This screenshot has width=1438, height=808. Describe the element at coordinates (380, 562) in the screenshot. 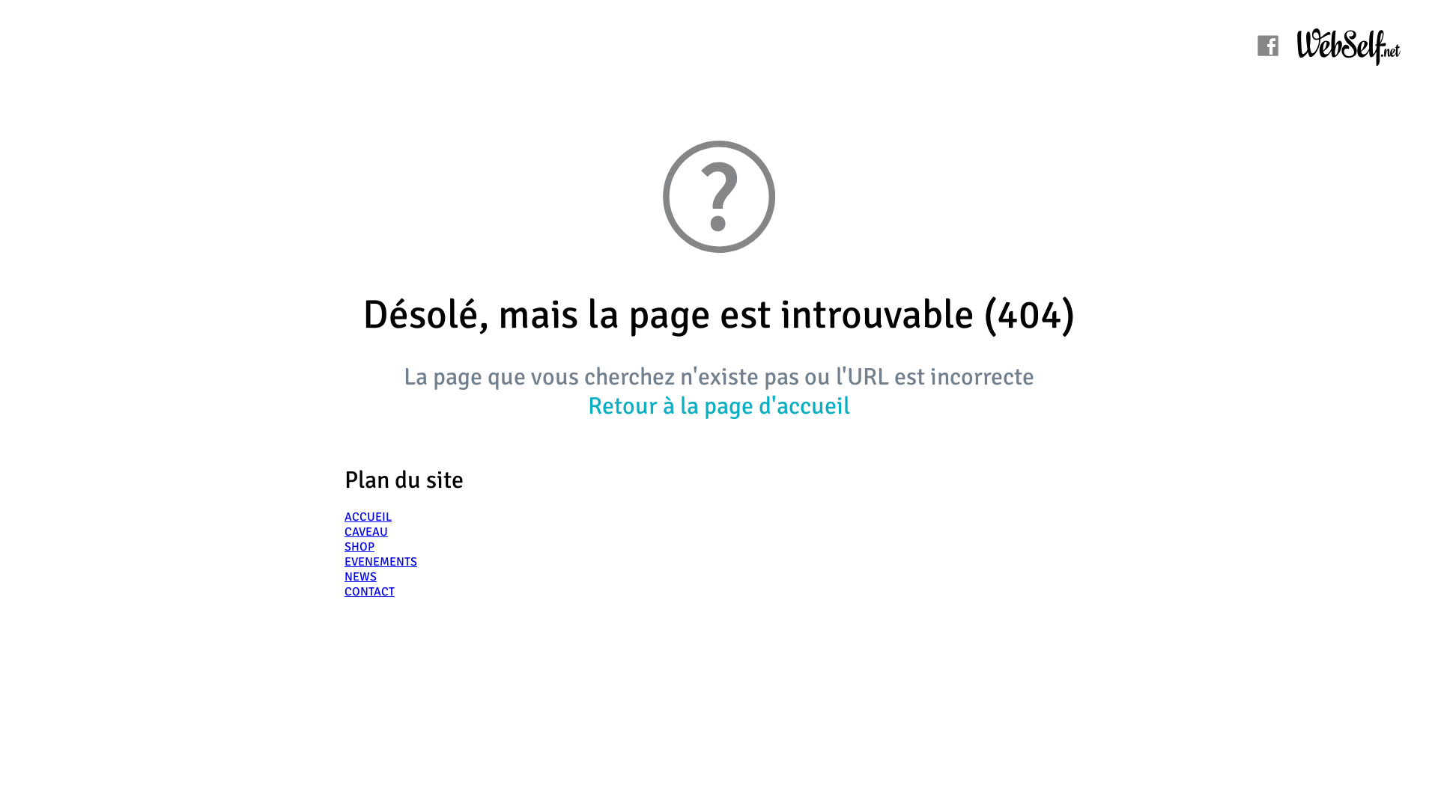

I see `'EVENEMENTS'` at that location.